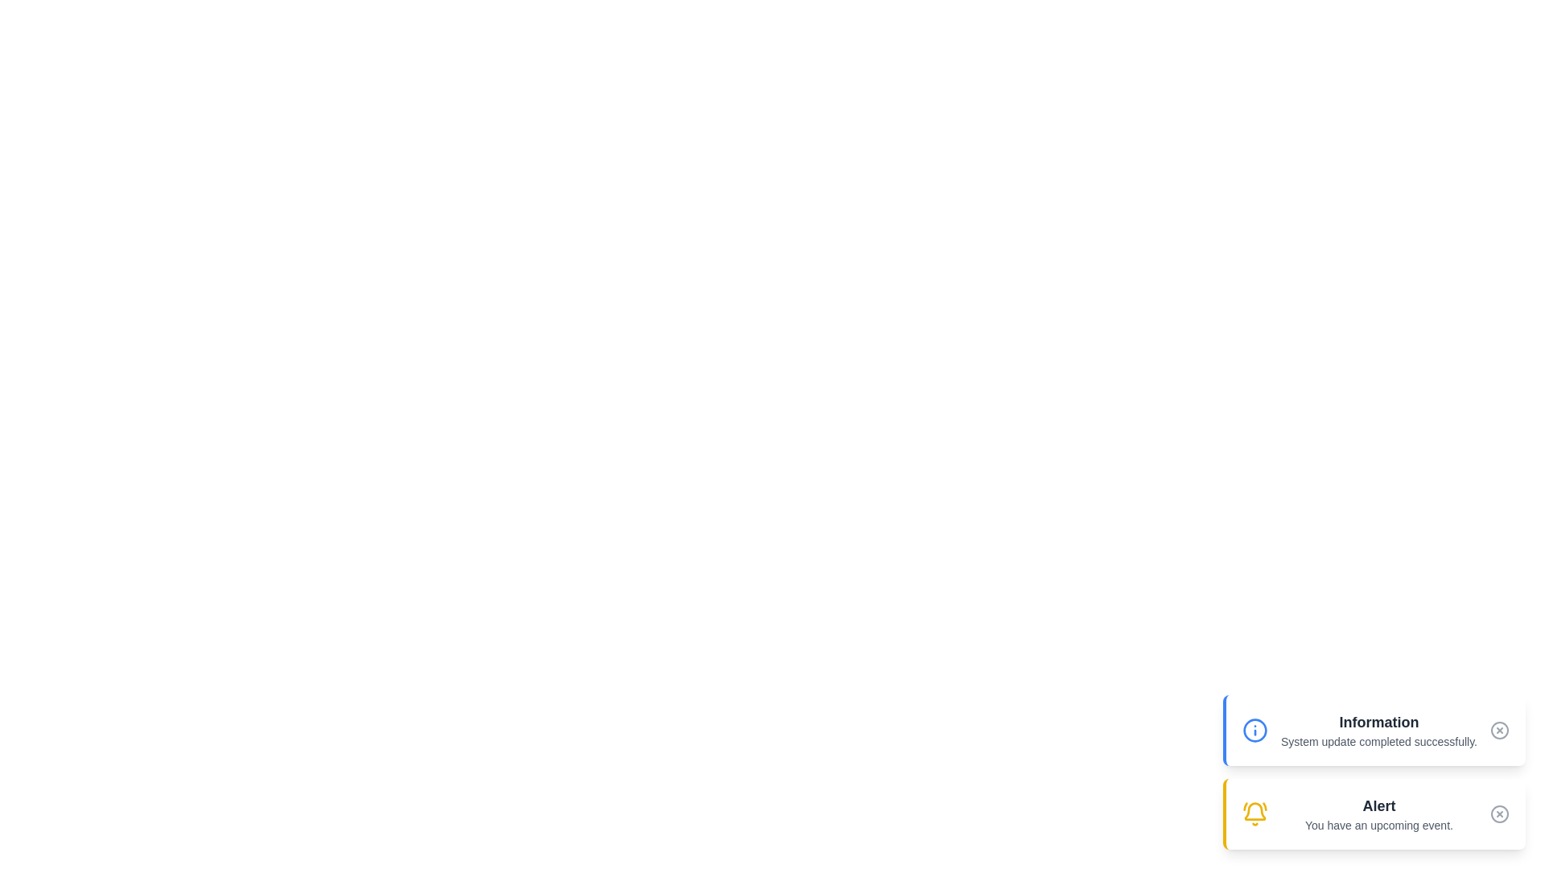  What do you see at coordinates (1378, 730) in the screenshot?
I see `the text of the notification titled 'Information'` at bounding box center [1378, 730].